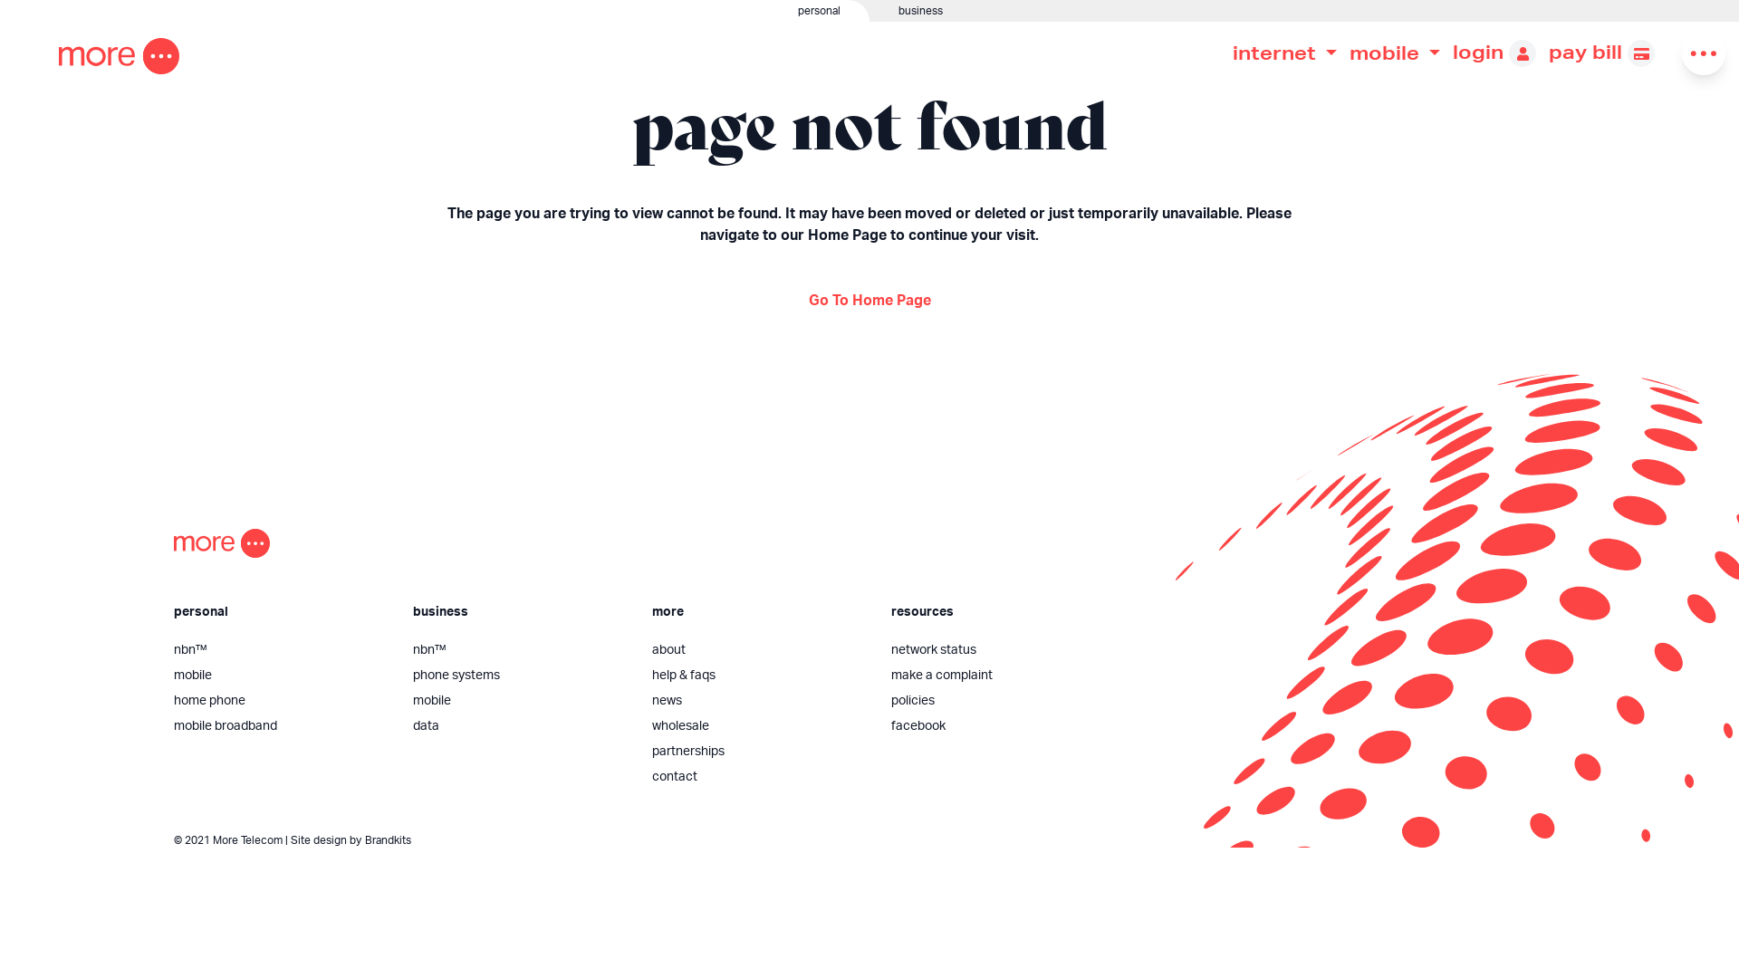 This screenshot has height=978, width=1739. Describe the element at coordinates (1349, 52) in the screenshot. I see `'mobile'` at that location.